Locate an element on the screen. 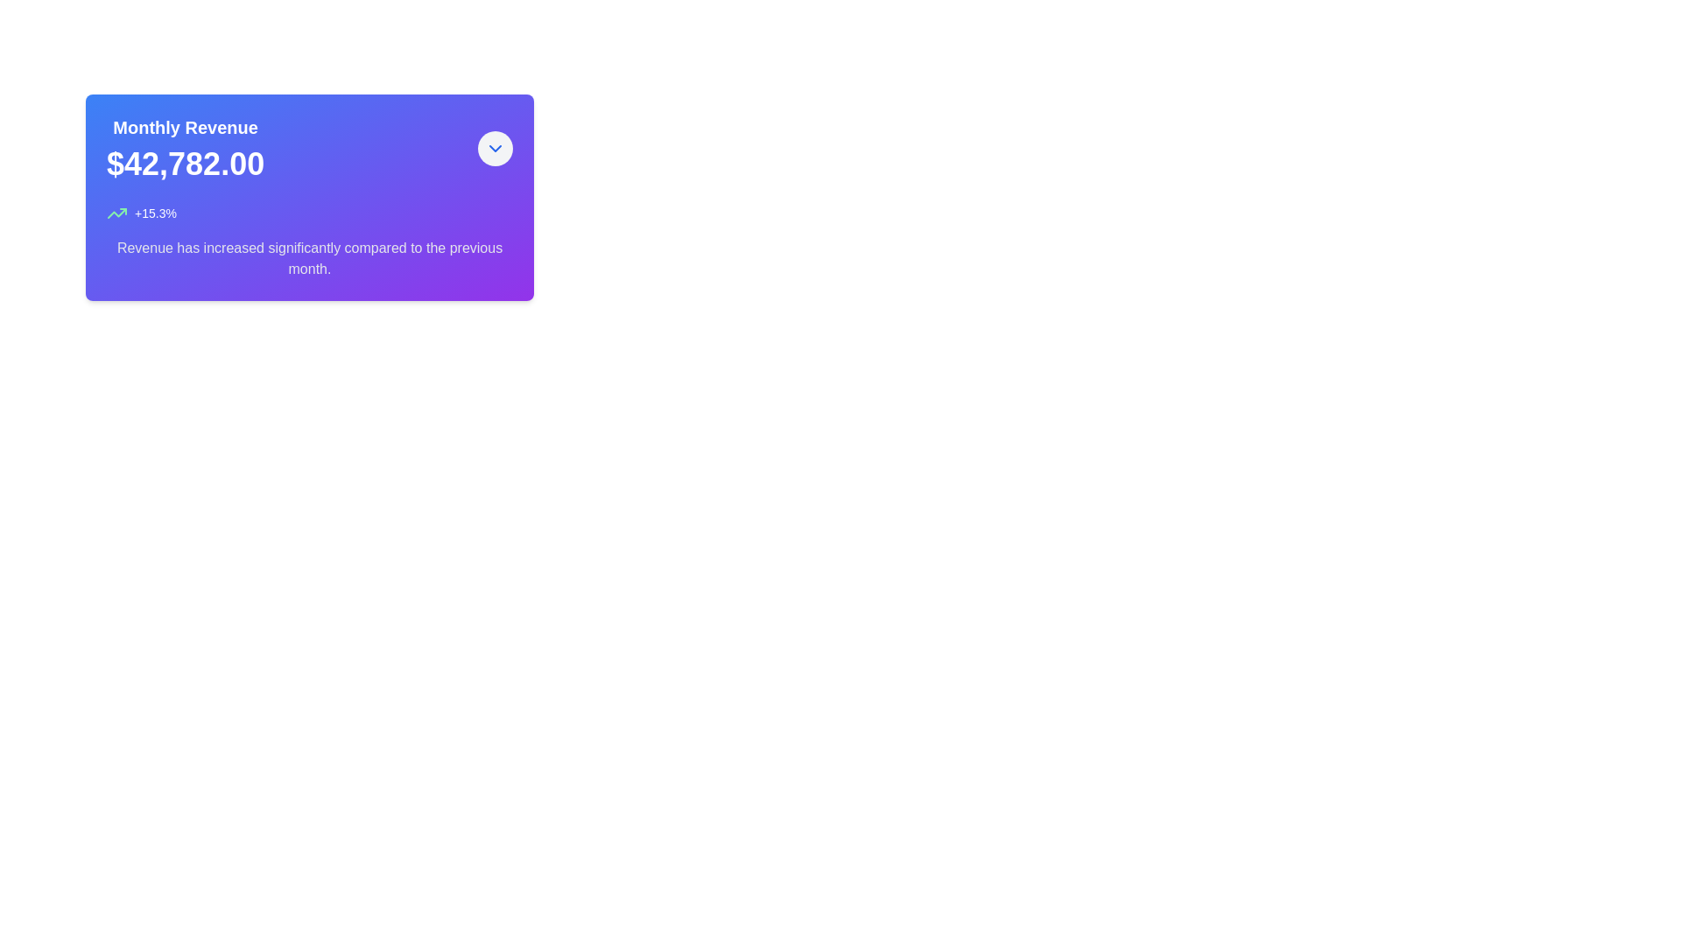 The image size is (1681, 945). the Text Display that showcases the monthly revenue figure, located centrally within the card below the 'Monthly Revenue' title is located at coordinates (186, 164).